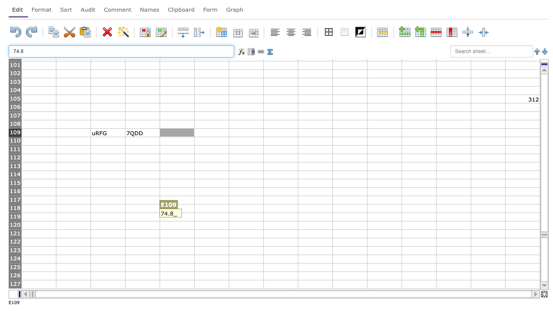  I want to click on Place cursor in H119, so click(280, 216).